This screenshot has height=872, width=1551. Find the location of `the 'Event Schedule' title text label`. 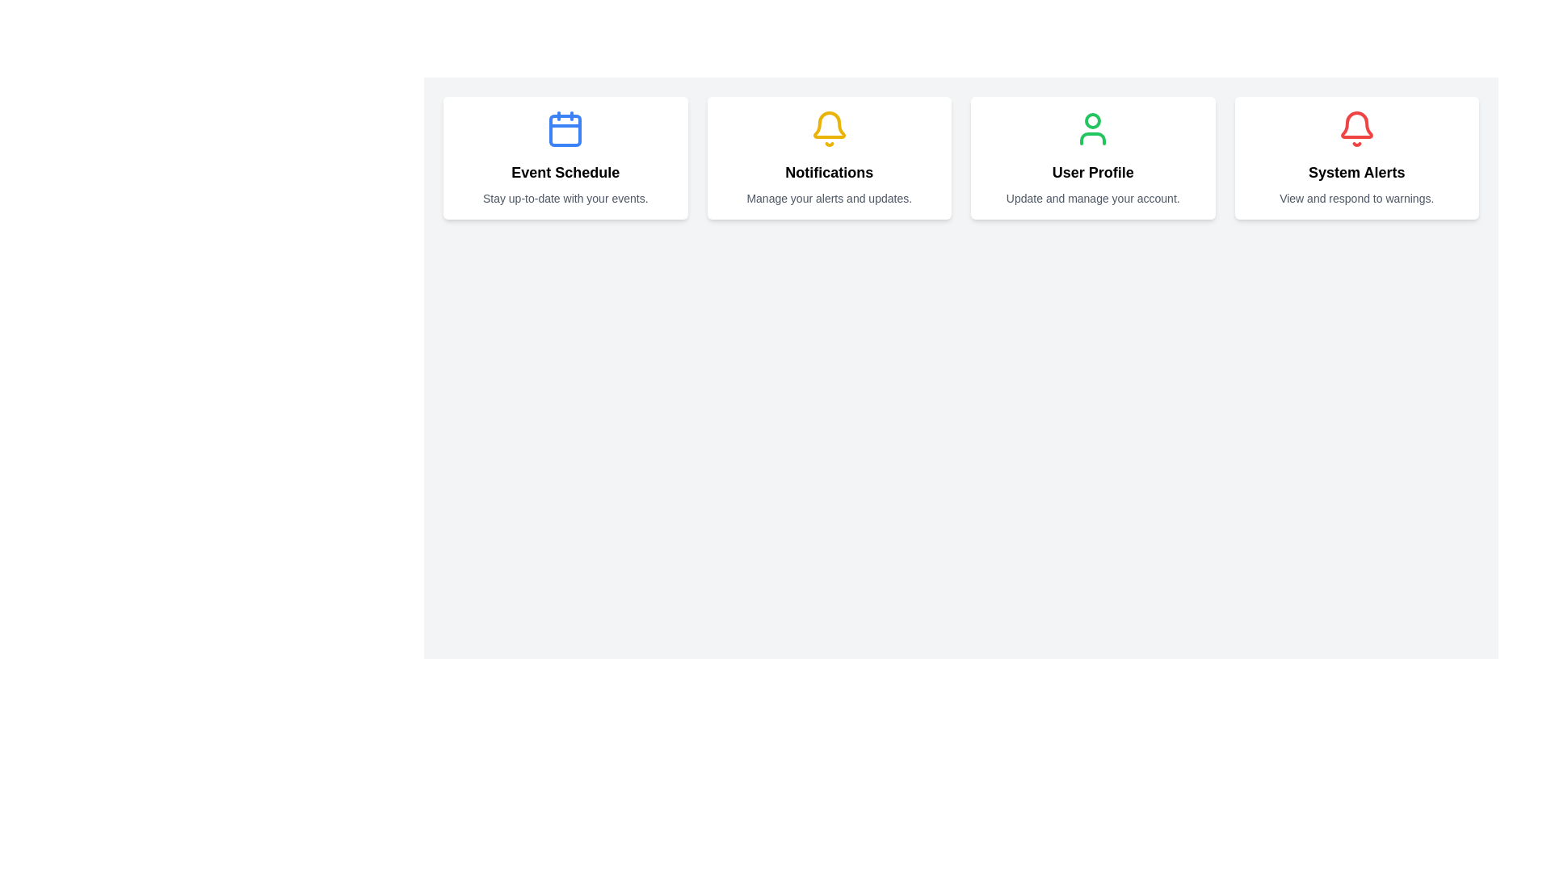

the 'Event Schedule' title text label is located at coordinates (565, 172).